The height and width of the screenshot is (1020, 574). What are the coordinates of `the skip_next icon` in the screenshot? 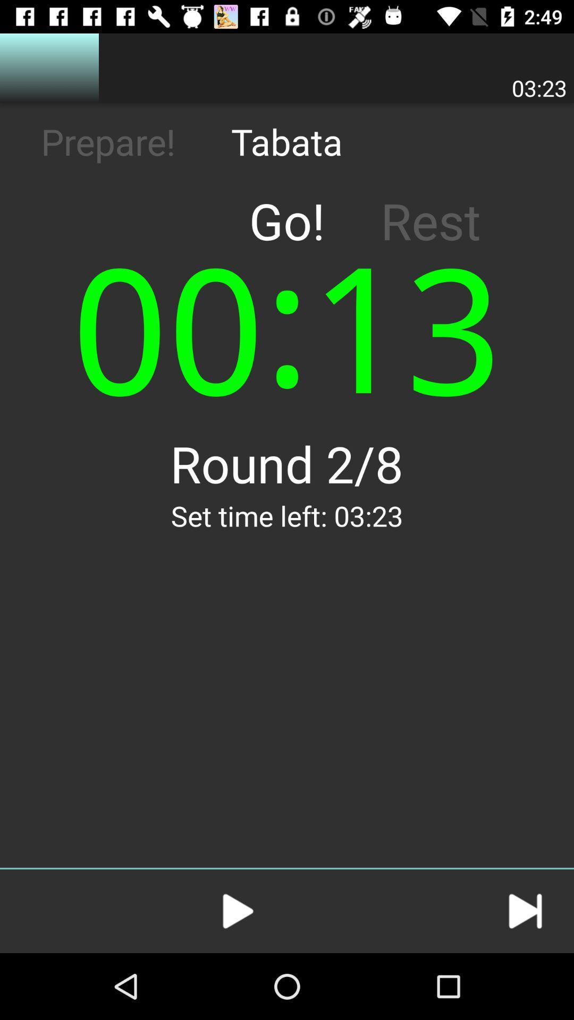 It's located at (525, 911).